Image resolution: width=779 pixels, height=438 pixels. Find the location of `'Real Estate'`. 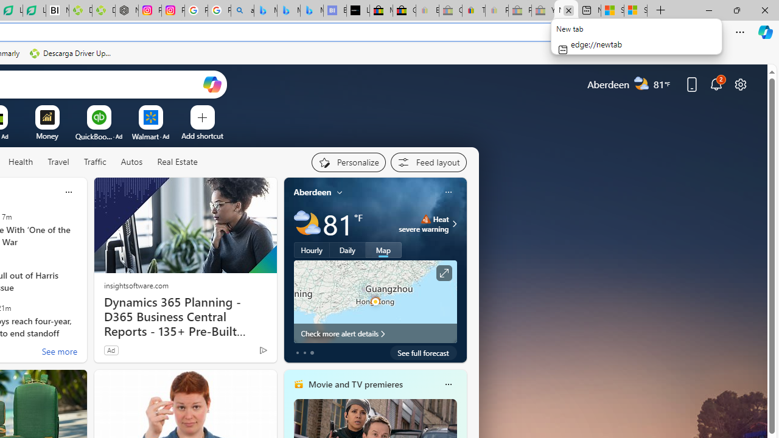

'Real Estate' is located at coordinates (176, 162).